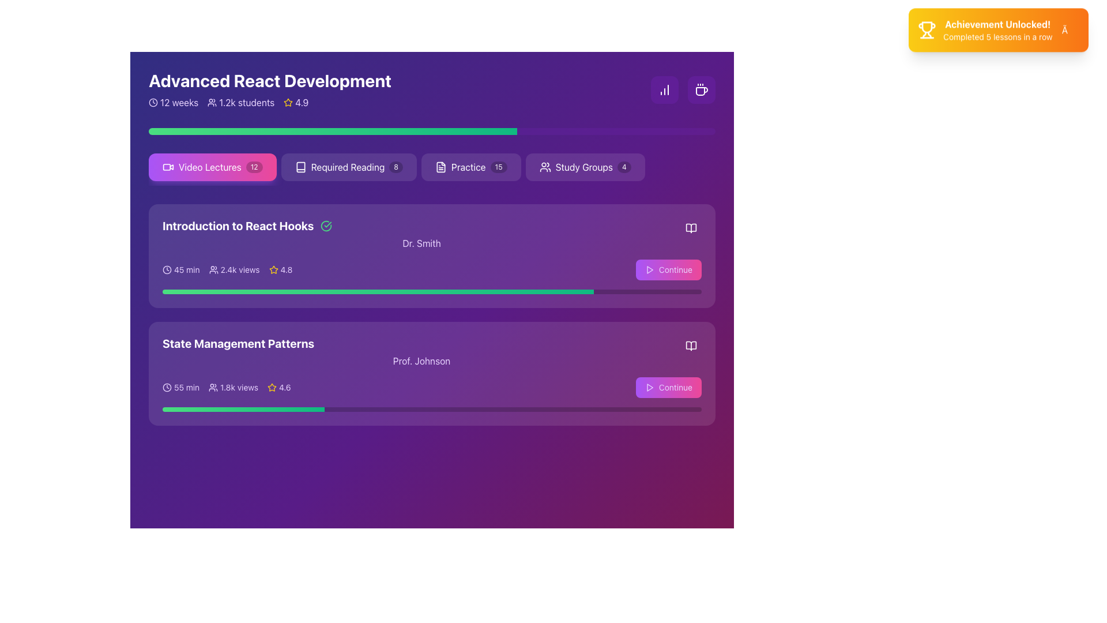  I want to click on text displaying '2.4k views' alongside the icon of overlapping silhouettes, styled in white on a purple background, located in the middle section of 'Introduction to React Hooks', so click(234, 269).